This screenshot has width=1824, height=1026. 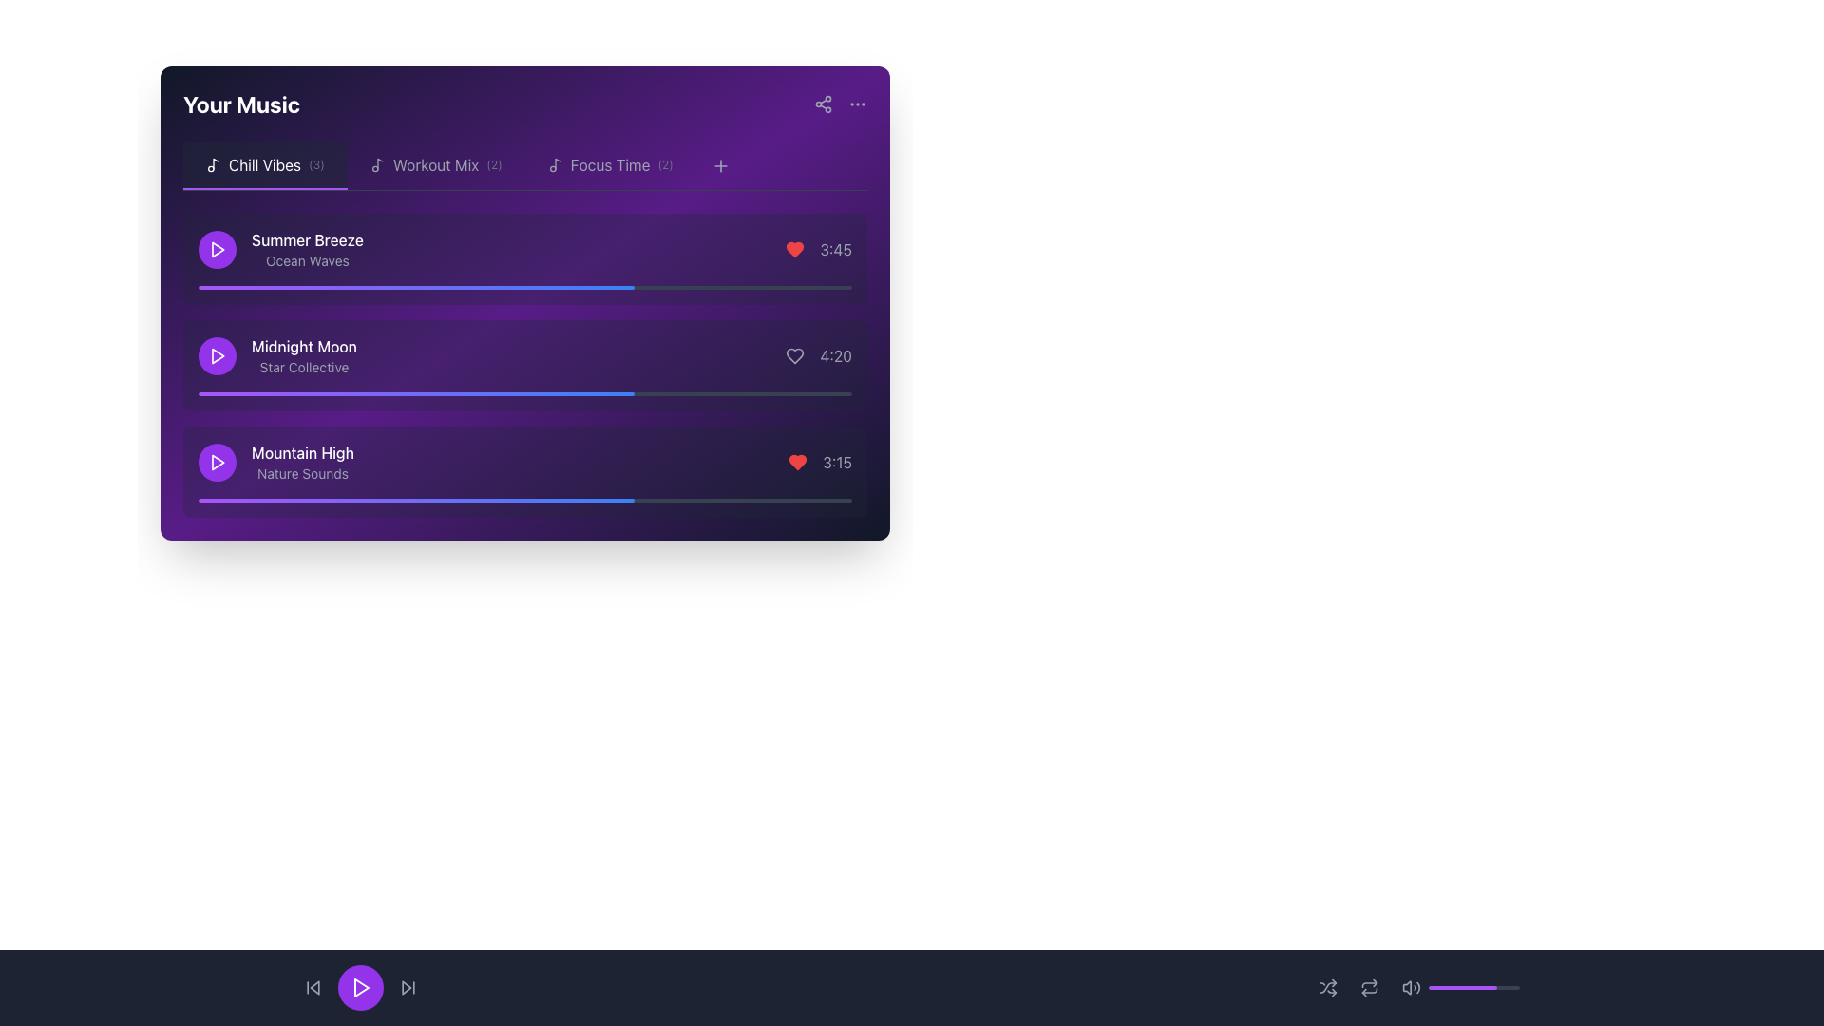 What do you see at coordinates (446, 288) in the screenshot?
I see `progress` at bounding box center [446, 288].